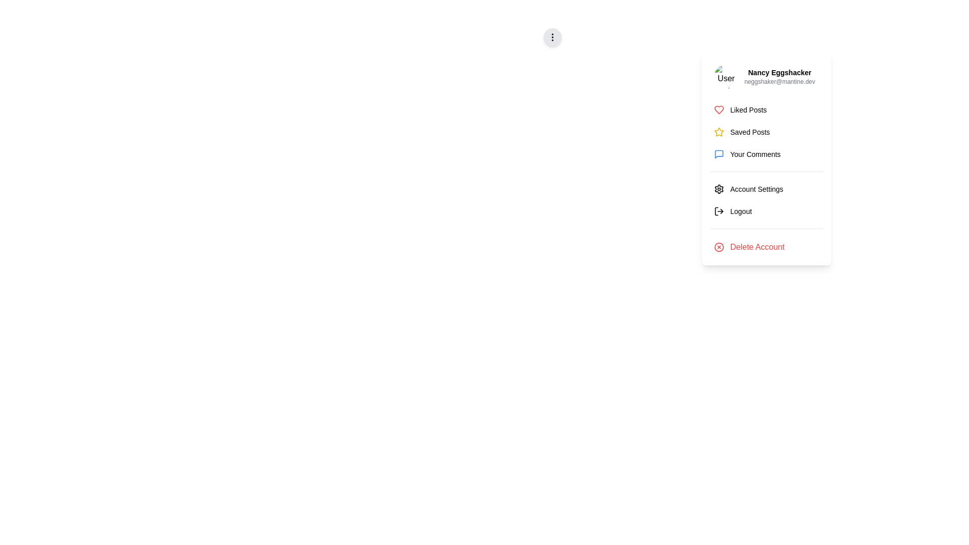 This screenshot has width=969, height=545. I want to click on the 'Saved Posts' navigation item, which features a yellow star icon and changes background color on hover, so click(766, 132).